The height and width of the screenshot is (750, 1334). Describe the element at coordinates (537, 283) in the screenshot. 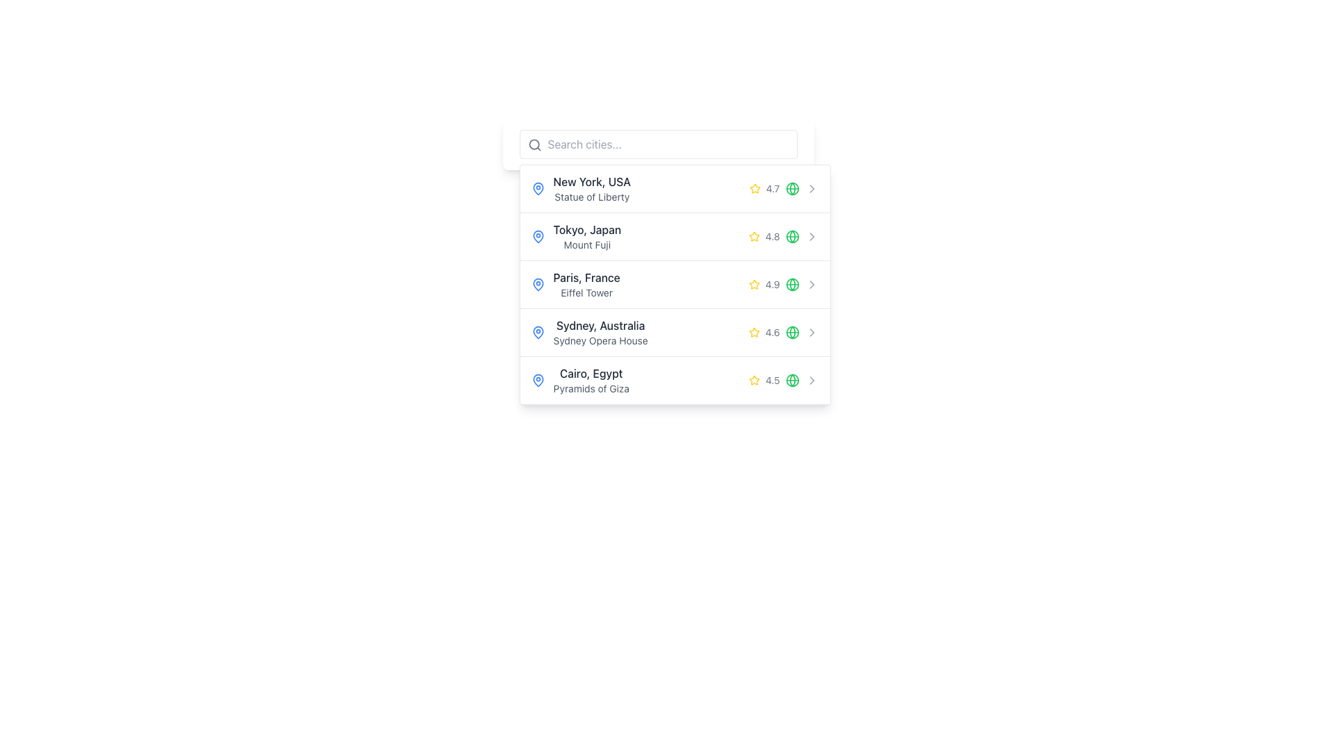

I see `the blue outline pin marker icon that indicates the location of 'Paris, France', located to the left of the text and aligned with the third item in the list` at that location.